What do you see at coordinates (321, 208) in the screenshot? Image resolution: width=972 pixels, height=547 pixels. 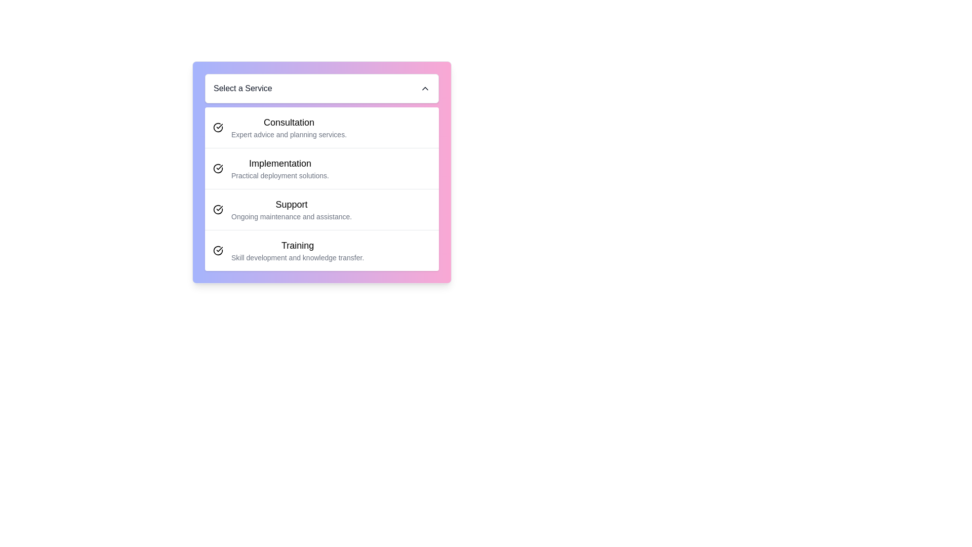 I see `the third list item in the 'Select a Service' menu, which represents ongoing support and assistance` at bounding box center [321, 208].